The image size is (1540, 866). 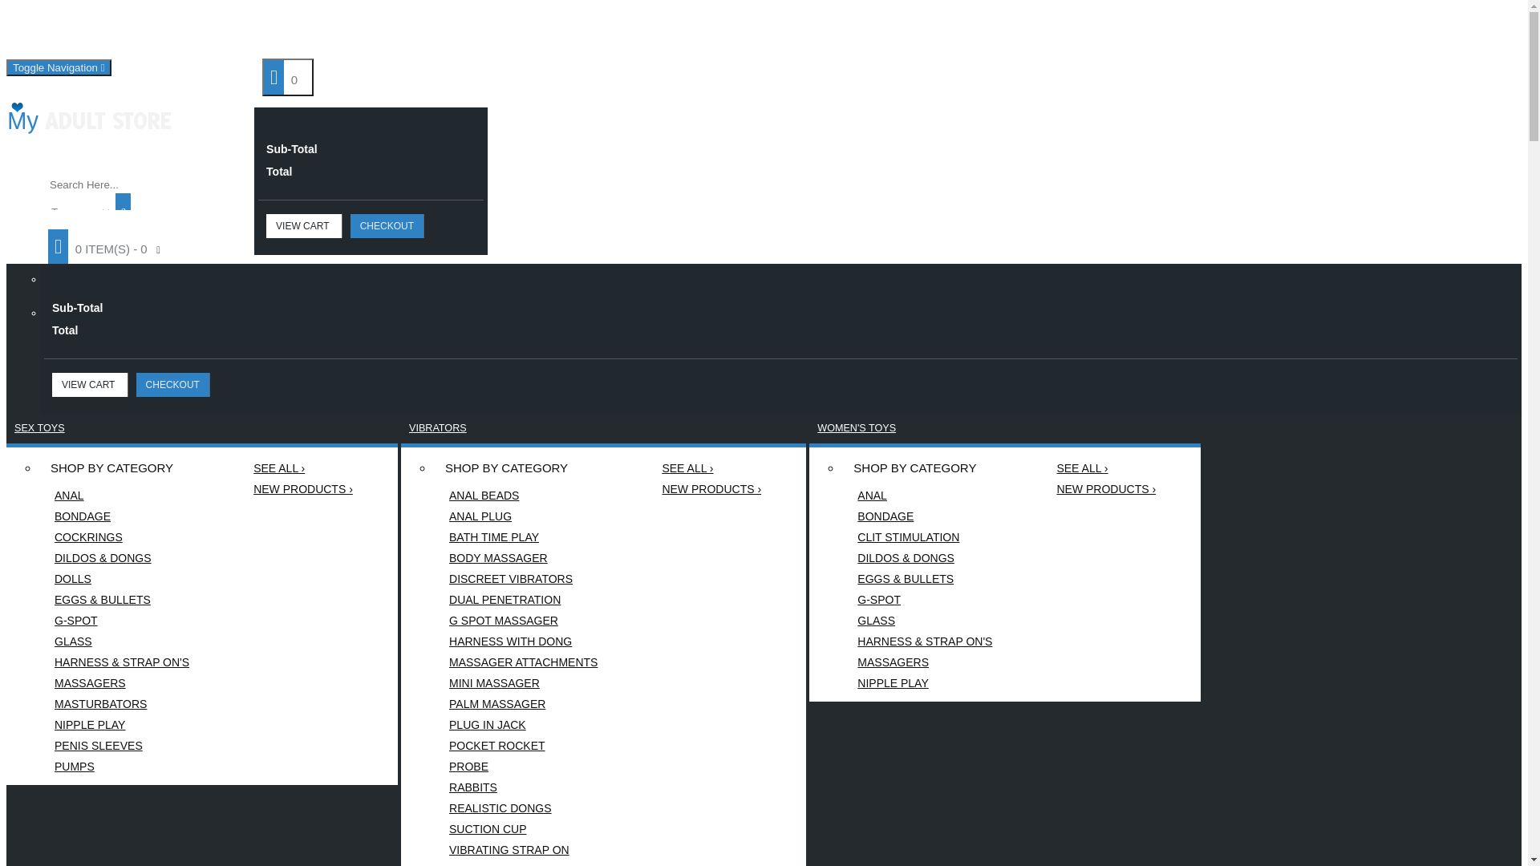 What do you see at coordinates (523, 766) in the screenshot?
I see `'PROBE'` at bounding box center [523, 766].